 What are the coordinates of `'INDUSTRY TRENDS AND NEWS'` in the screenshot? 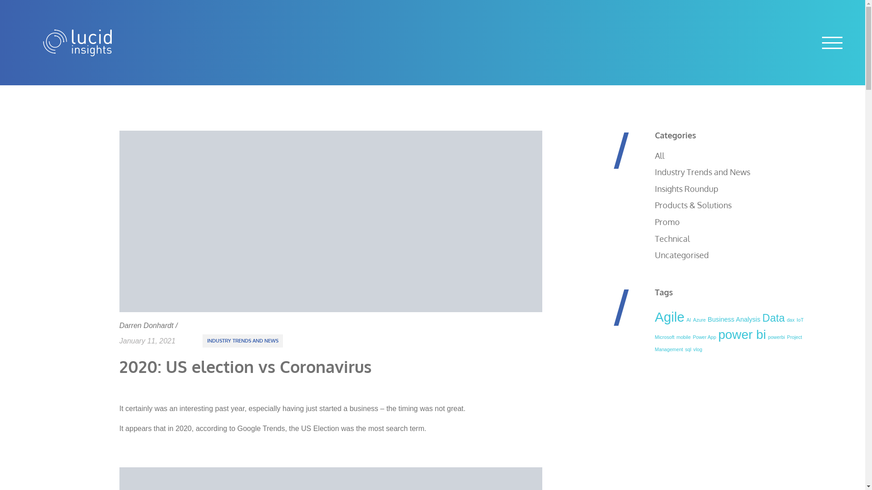 It's located at (243, 341).